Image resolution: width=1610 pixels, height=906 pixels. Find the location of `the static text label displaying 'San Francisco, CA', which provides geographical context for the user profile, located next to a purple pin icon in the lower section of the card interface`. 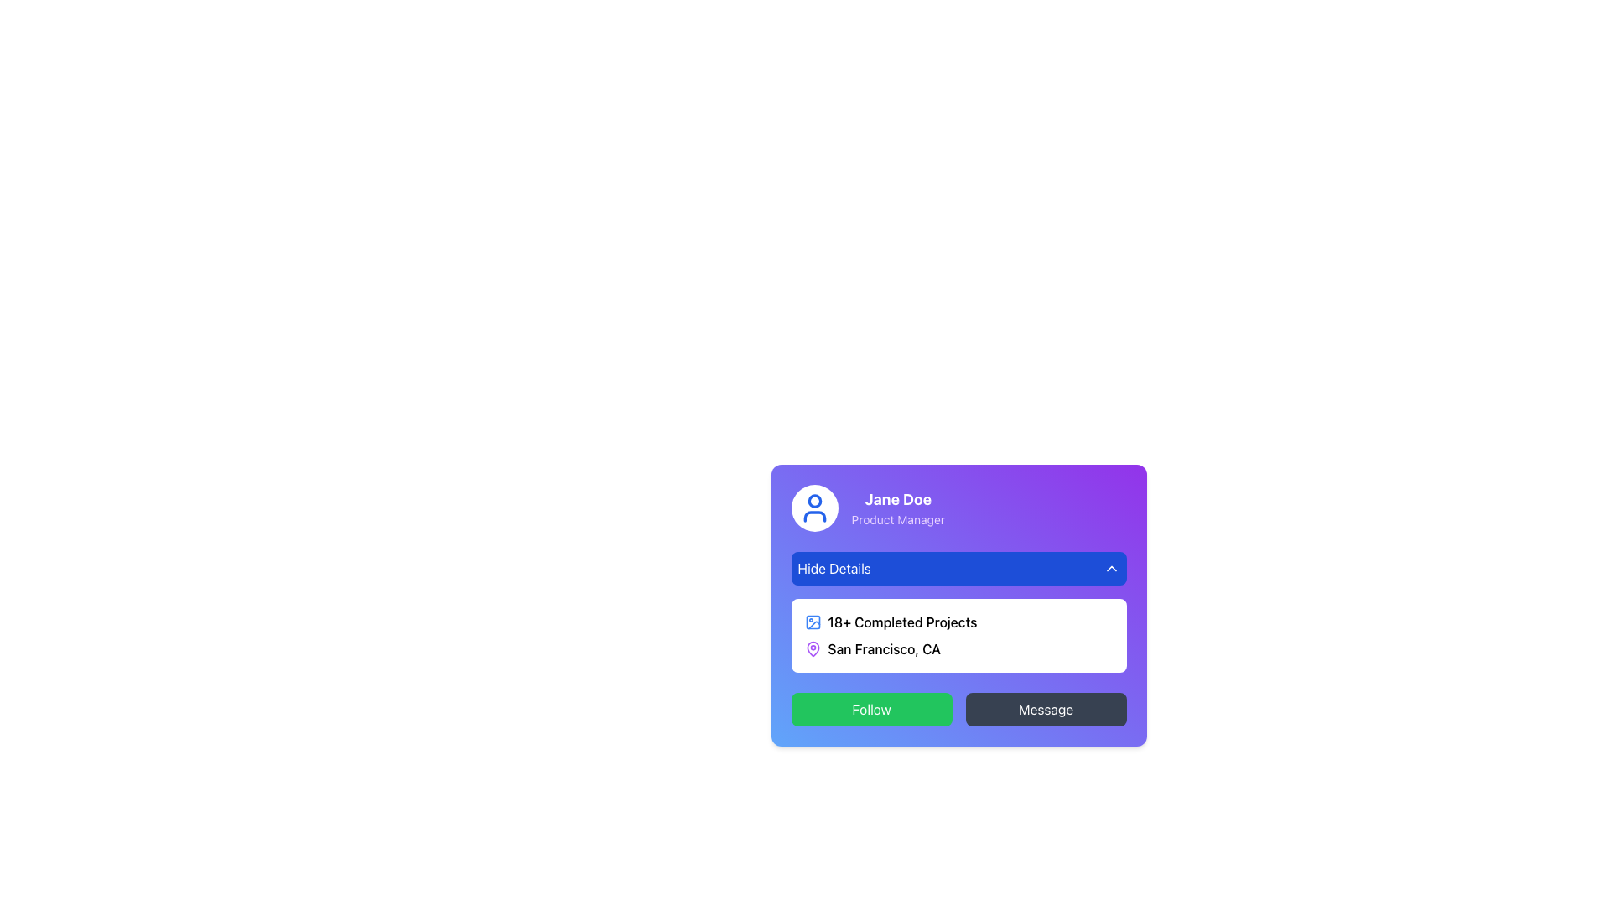

the static text label displaying 'San Francisco, CA', which provides geographical context for the user profile, located next to a purple pin icon in the lower section of the card interface is located at coordinates (883, 648).